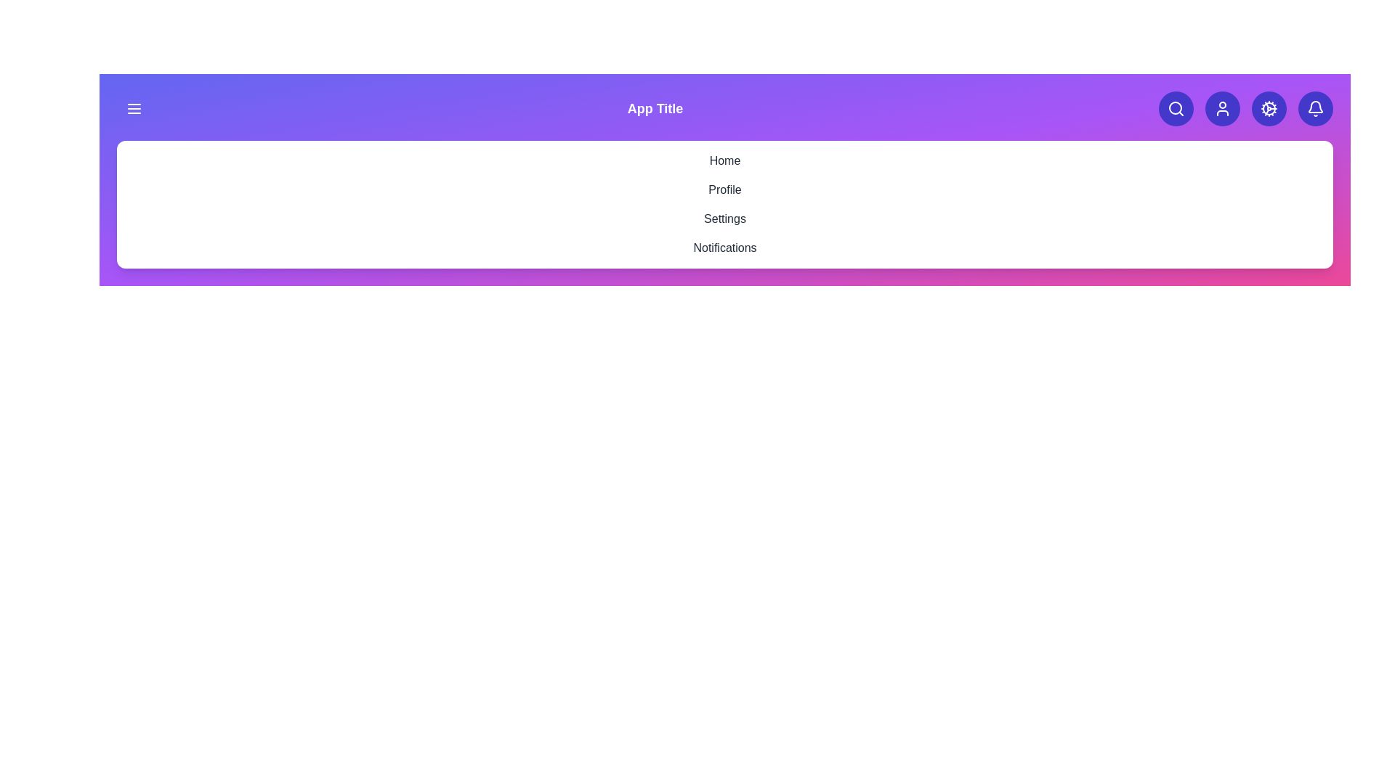  Describe the element at coordinates (1222, 108) in the screenshot. I see `the user icon to access the user profile options` at that location.